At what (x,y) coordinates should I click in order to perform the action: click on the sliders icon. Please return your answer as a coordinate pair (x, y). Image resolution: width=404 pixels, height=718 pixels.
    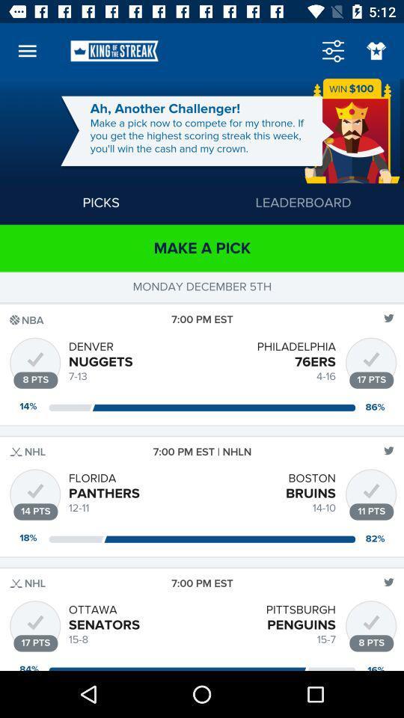
    Looking at the image, I should click on (333, 51).